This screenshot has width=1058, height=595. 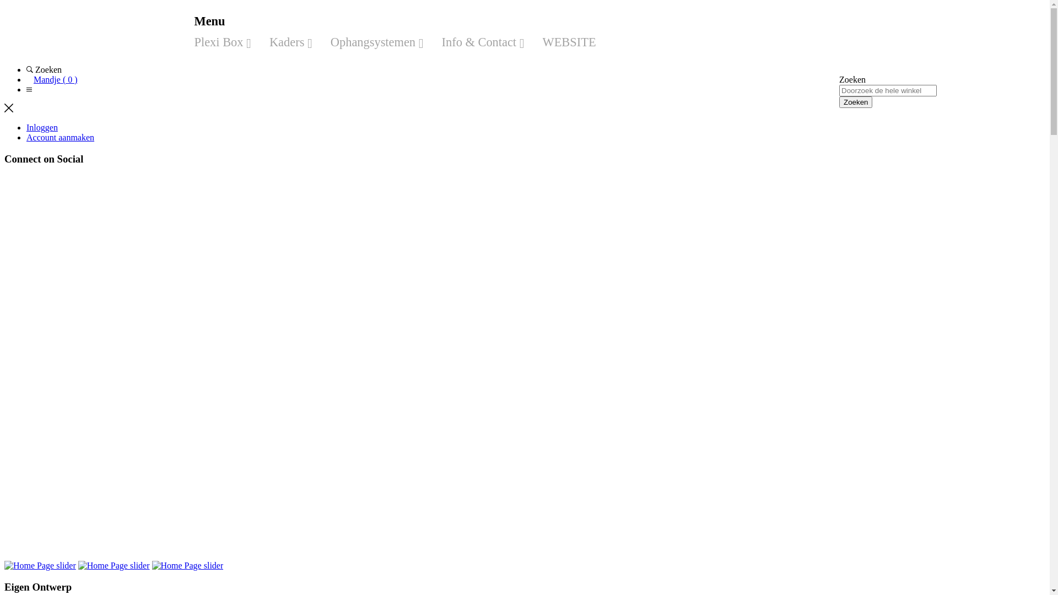 What do you see at coordinates (114, 565) in the screenshot?
I see `'Home Page slider'` at bounding box center [114, 565].